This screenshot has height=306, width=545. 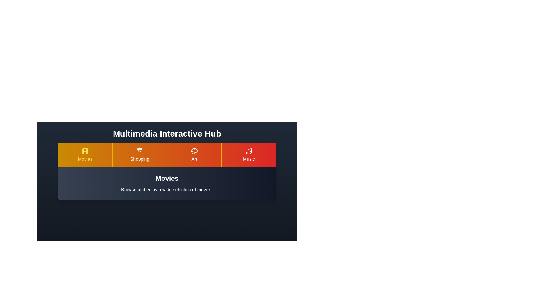 What do you see at coordinates (249, 155) in the screenshot?
I see `the Music tab to view its content` at bounding box center [249, 155].